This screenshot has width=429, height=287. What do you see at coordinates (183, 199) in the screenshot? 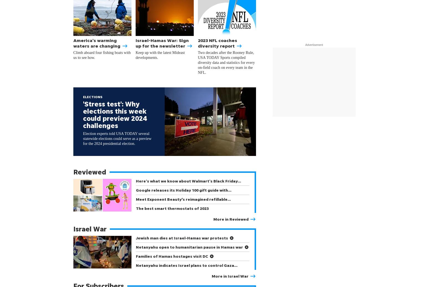
I see `'Meet Exponent Beauty's reimagined refillable…'` at bounding box center [183, 199].